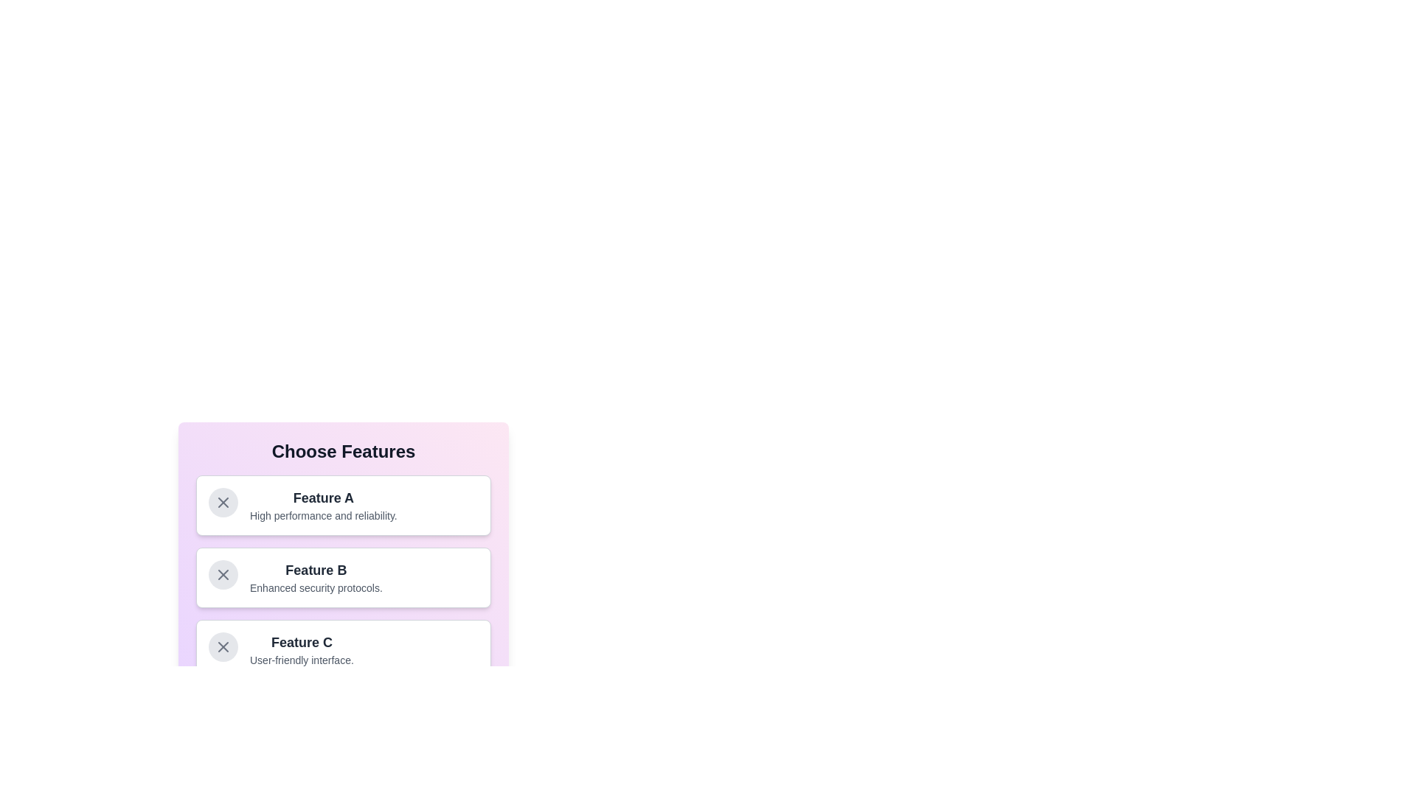 The height and width of the screenshot is (796, 1416). I want to click on keyboard navigation, so click(342, 649).